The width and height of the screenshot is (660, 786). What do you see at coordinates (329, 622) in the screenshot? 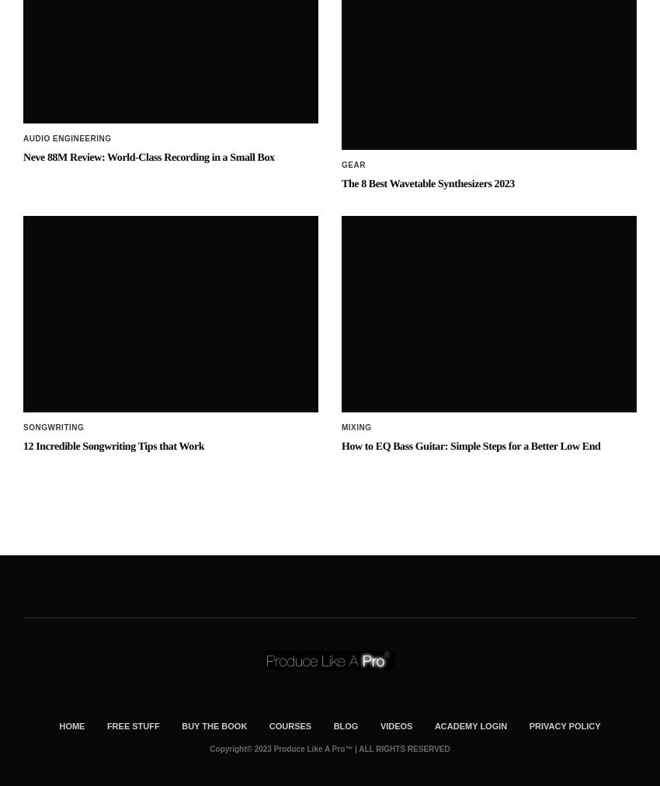
I see `'Copyright© 2023 Produce Like A Pro™ | ALL RIGHTS RESERVED'` at bounding box center [329, 622].